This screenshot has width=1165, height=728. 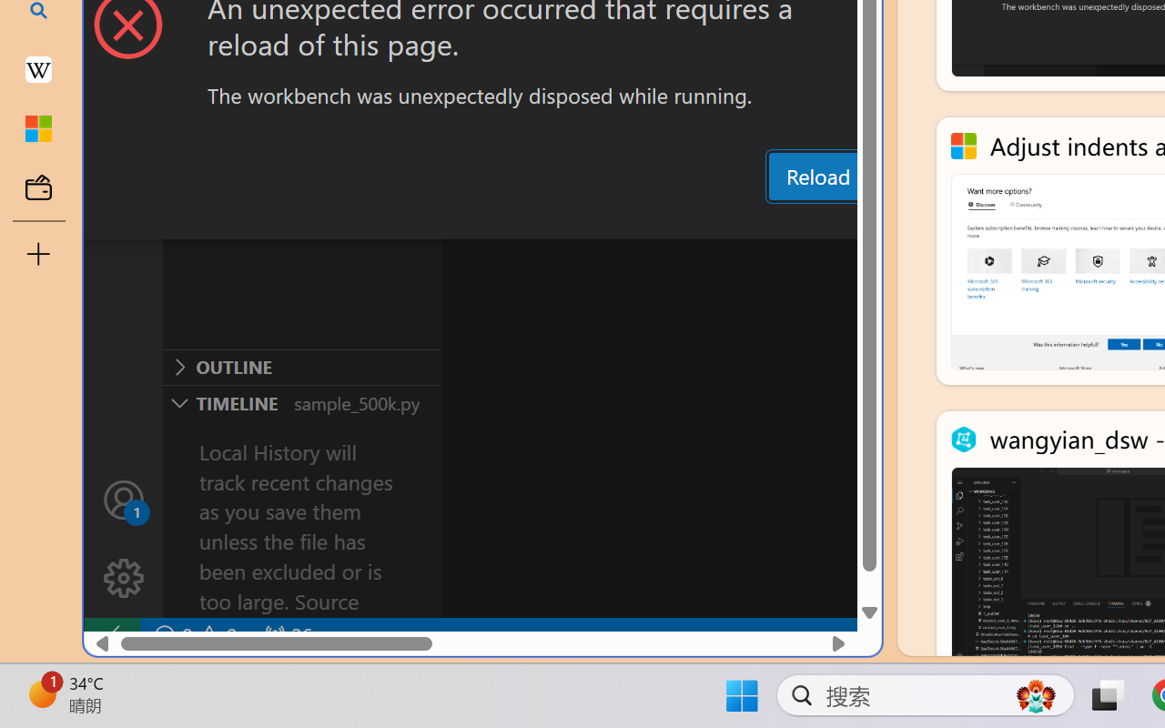 I want to click on 'Reload', so click(x=816, y=175).